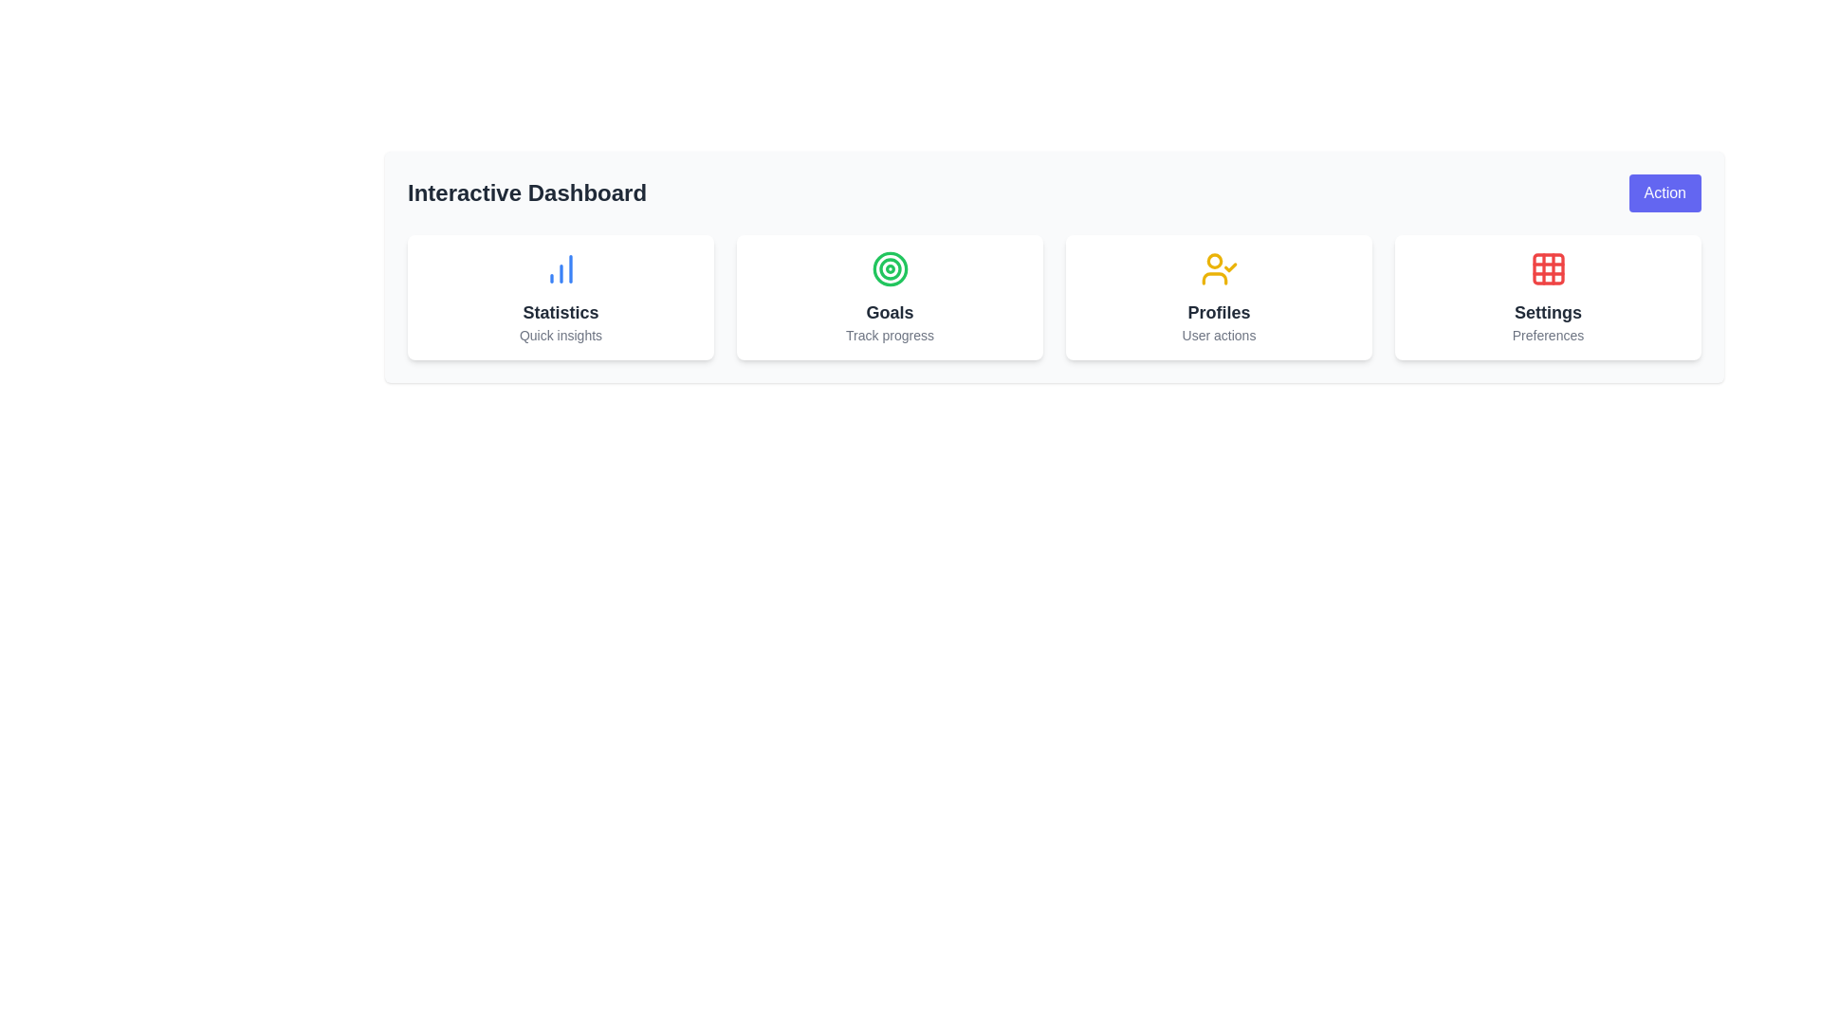 This screenshot has width=1821, height=1024. Describe the element at coordinates (1214, 261) in the screenshot. I see `the central circular yellow component of the user profile icon located in the third column of the dashboard below the 'Profiles' heading` at that location.